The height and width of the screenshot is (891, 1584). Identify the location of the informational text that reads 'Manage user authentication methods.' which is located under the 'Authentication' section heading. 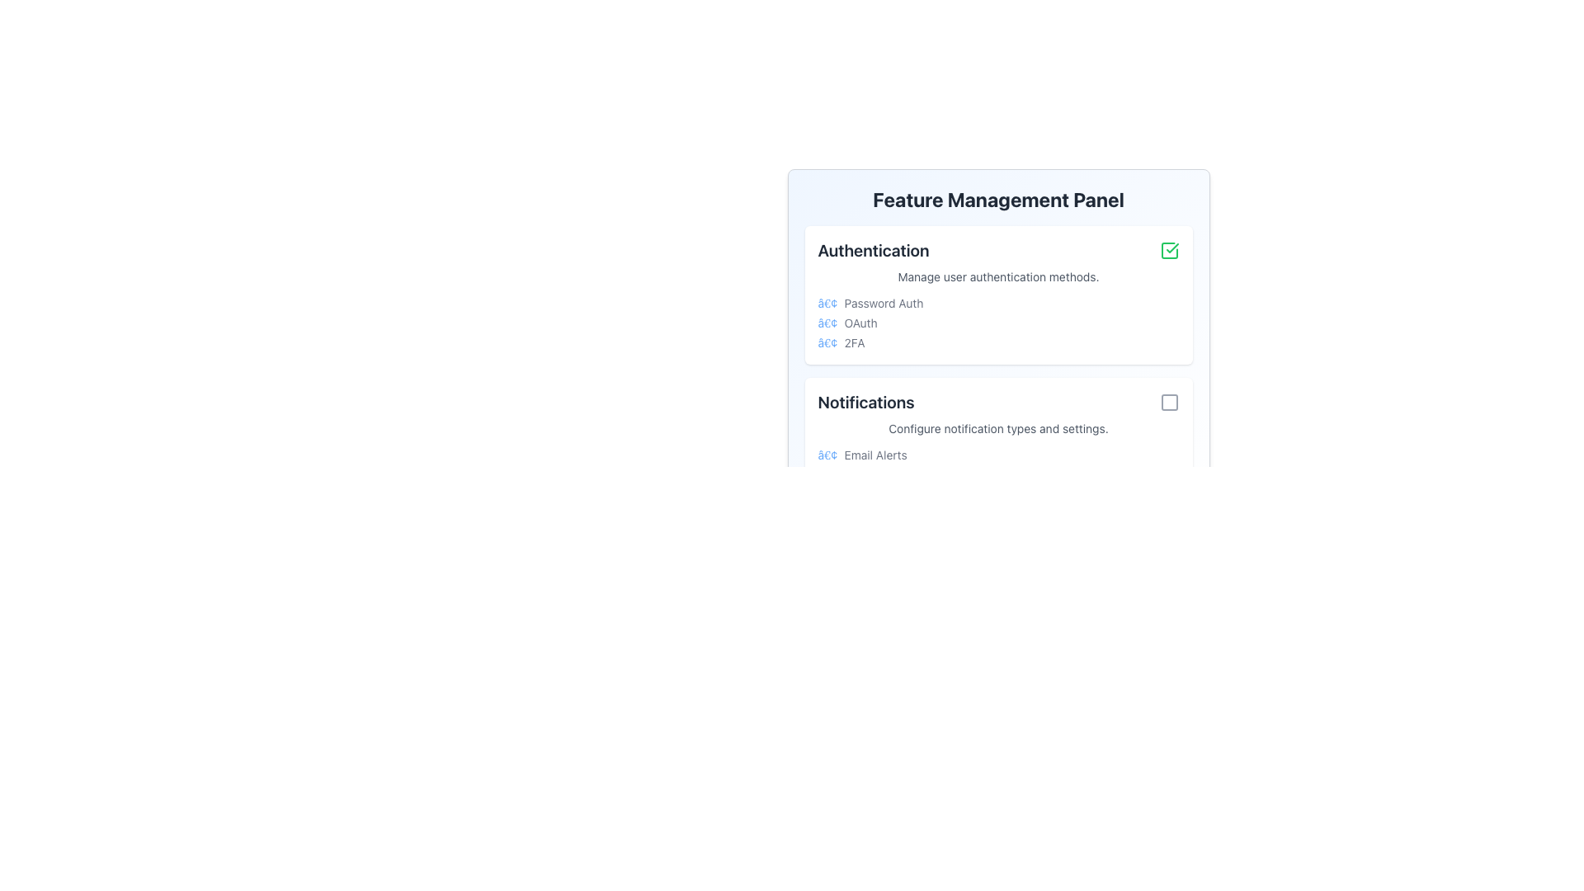
(997, 276).